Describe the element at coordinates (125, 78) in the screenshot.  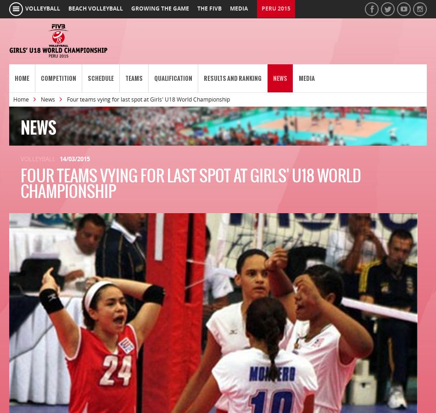
I see `'Teams'` at that location.